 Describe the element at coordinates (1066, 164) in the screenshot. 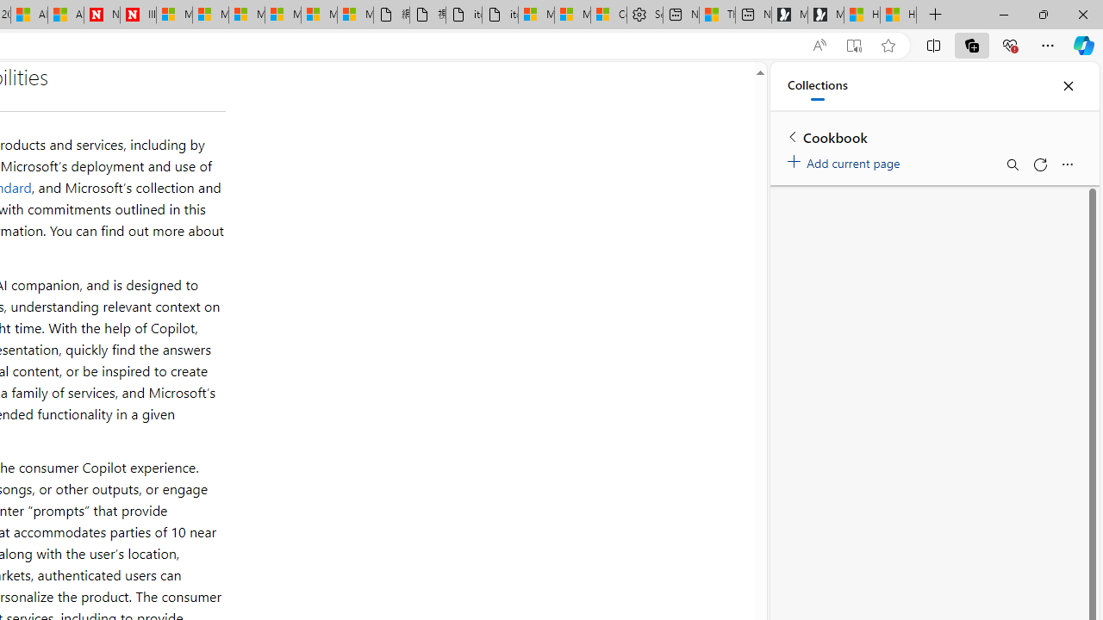

I see `'More options menu'` at that location.